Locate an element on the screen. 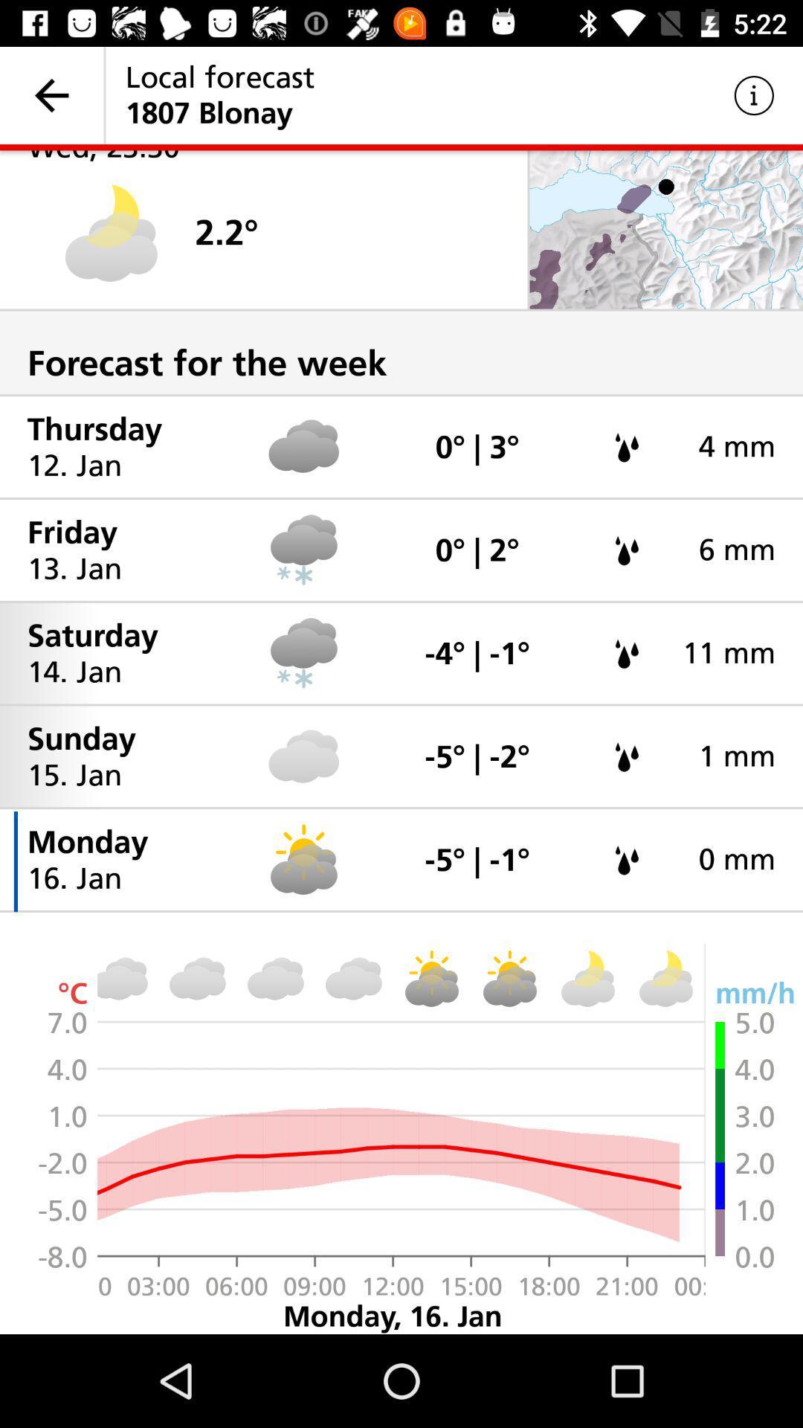 The image size is (803, 1428). icon next to local forecast item is located at coordinates (754, 94).